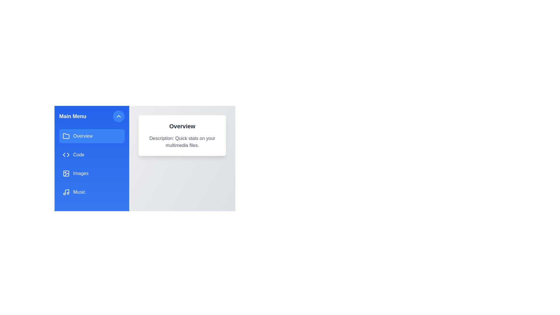 The image size is (560, 315). I want to click on keyboard navigation, so click(92, 136).